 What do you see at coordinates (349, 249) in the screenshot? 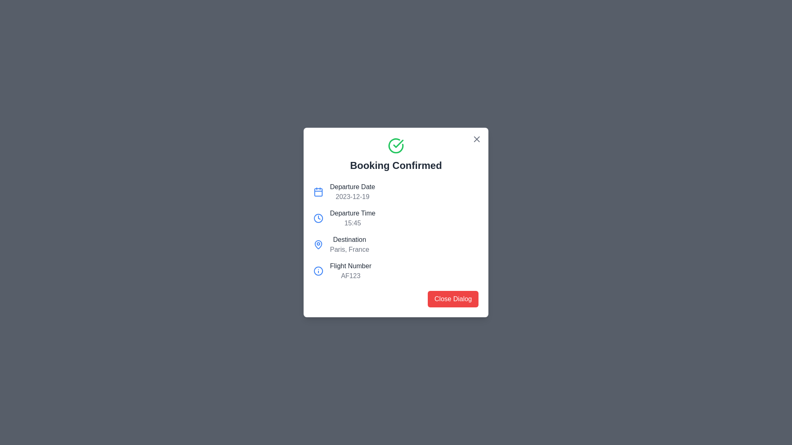
I see `the static text label displaying 'Paris, France' below the 'Destination' label for additional context` at bounding box center [349, 249].